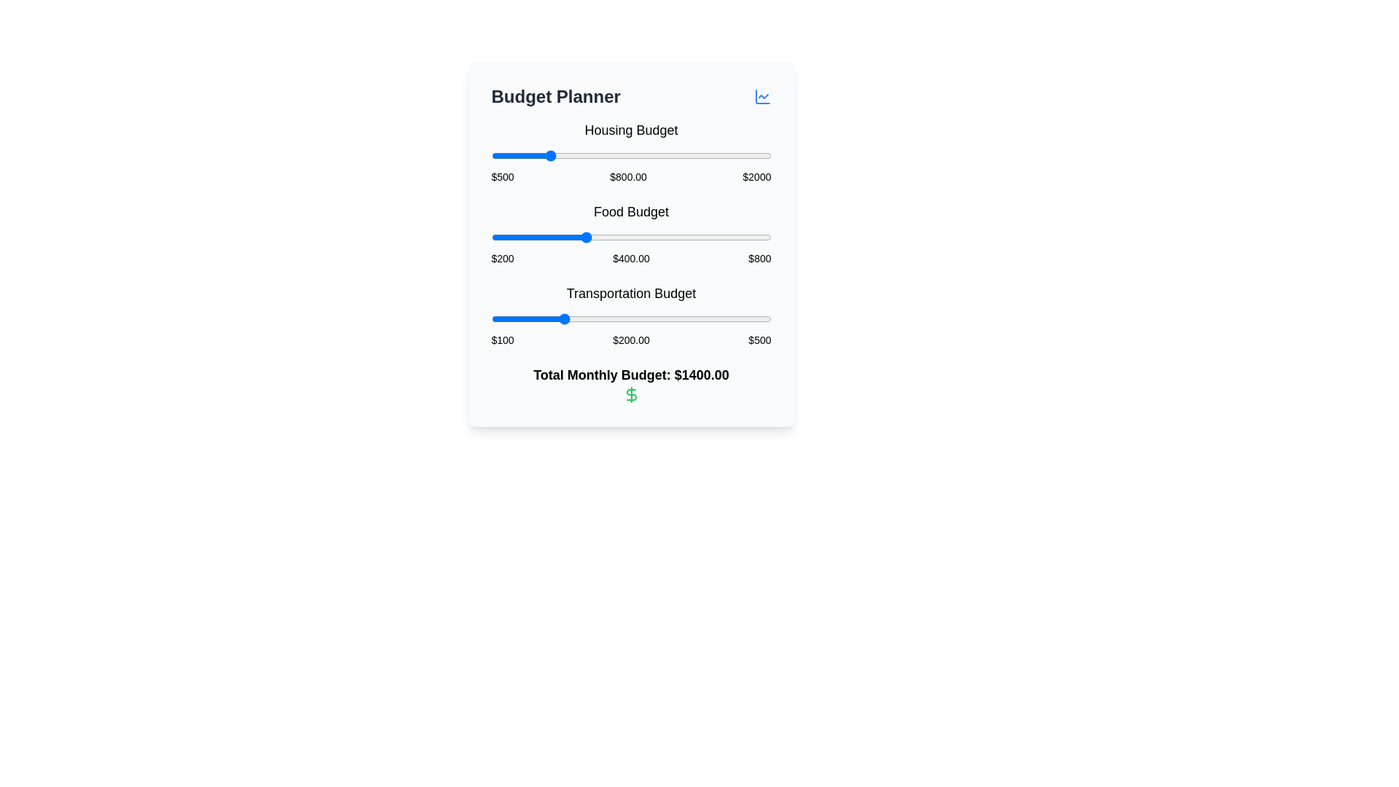 Image resolution: width=1399 pixels, height=787 pixels. Describe the element at coordinates (757, 176) in the screenshot. I see `the static text label that indicates the maximum value for the housing budget slider, located to the right of the slider value '$800.00'` at that location.